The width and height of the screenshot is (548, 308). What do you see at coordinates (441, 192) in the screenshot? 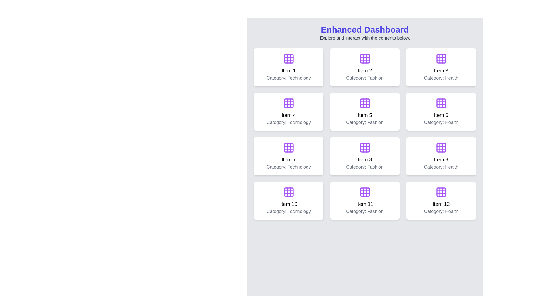
I see `the purple 3x3 grid icon located in the bottom-right of the layout above the text 'Item 12'` at bounding box center [441, 192].